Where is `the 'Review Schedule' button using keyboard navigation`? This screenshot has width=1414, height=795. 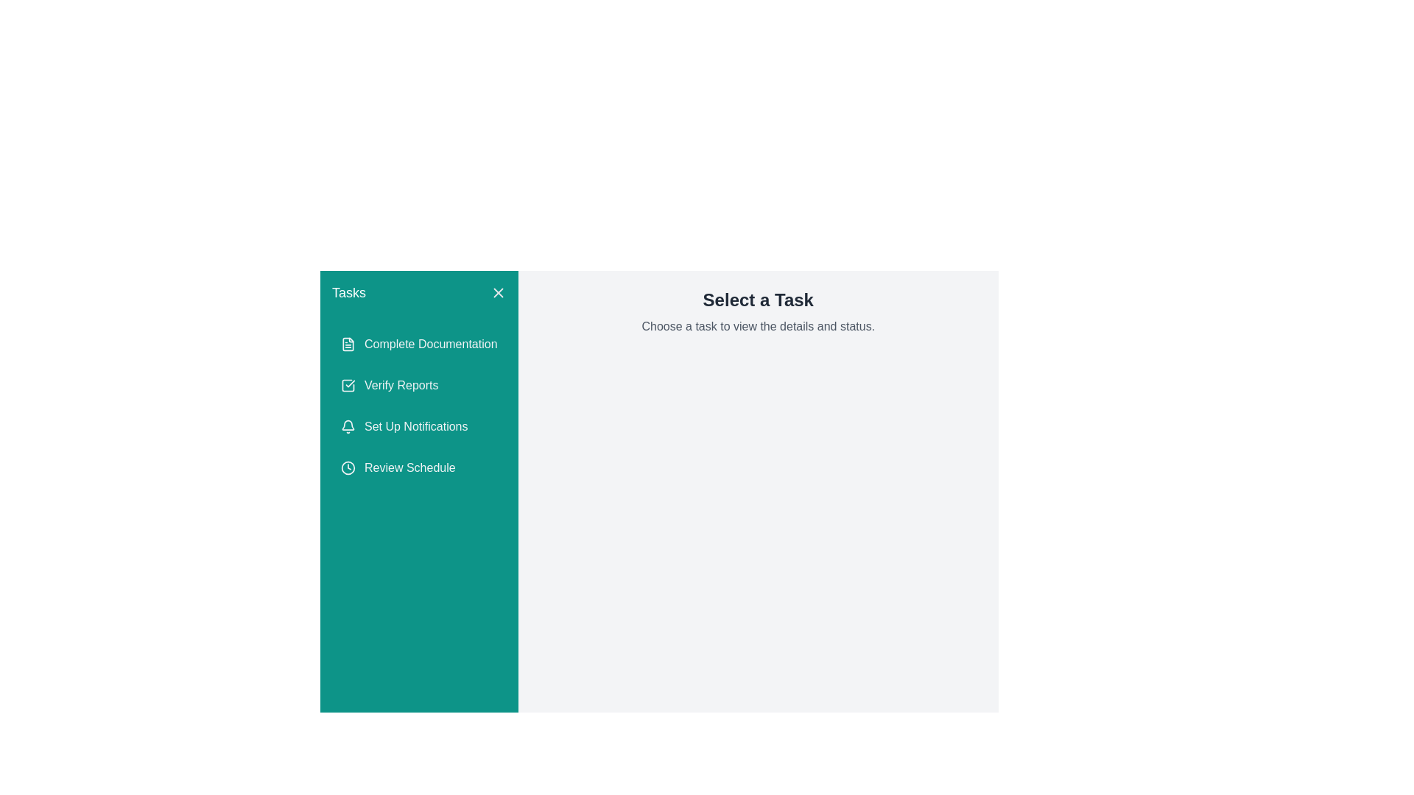 the 'Review Schedule' button using keyboard navigation is located at coordinates (418, 468).